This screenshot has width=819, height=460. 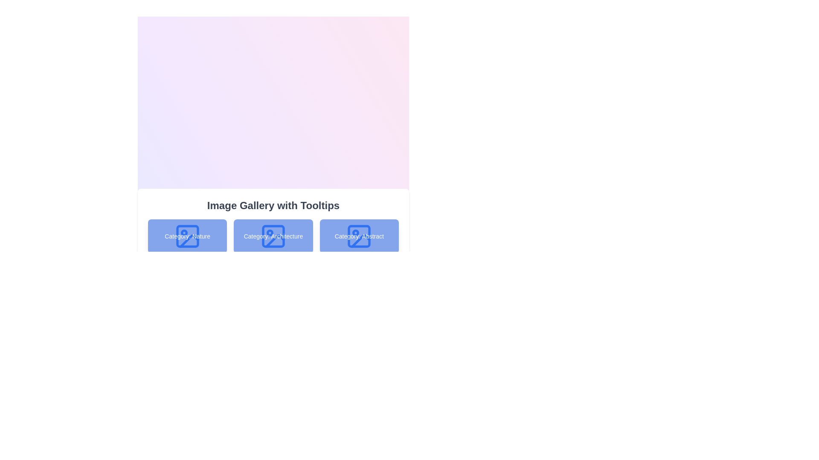 What do you see at coordinates (187, 236) in the screenshot?
I see `the 'Nature' category icon, which is the leftmost icon in a horizontal arrangement at the bottom of the interface under the 'Image Gallery with Tooltips' section` at bounding box center [187, 236].